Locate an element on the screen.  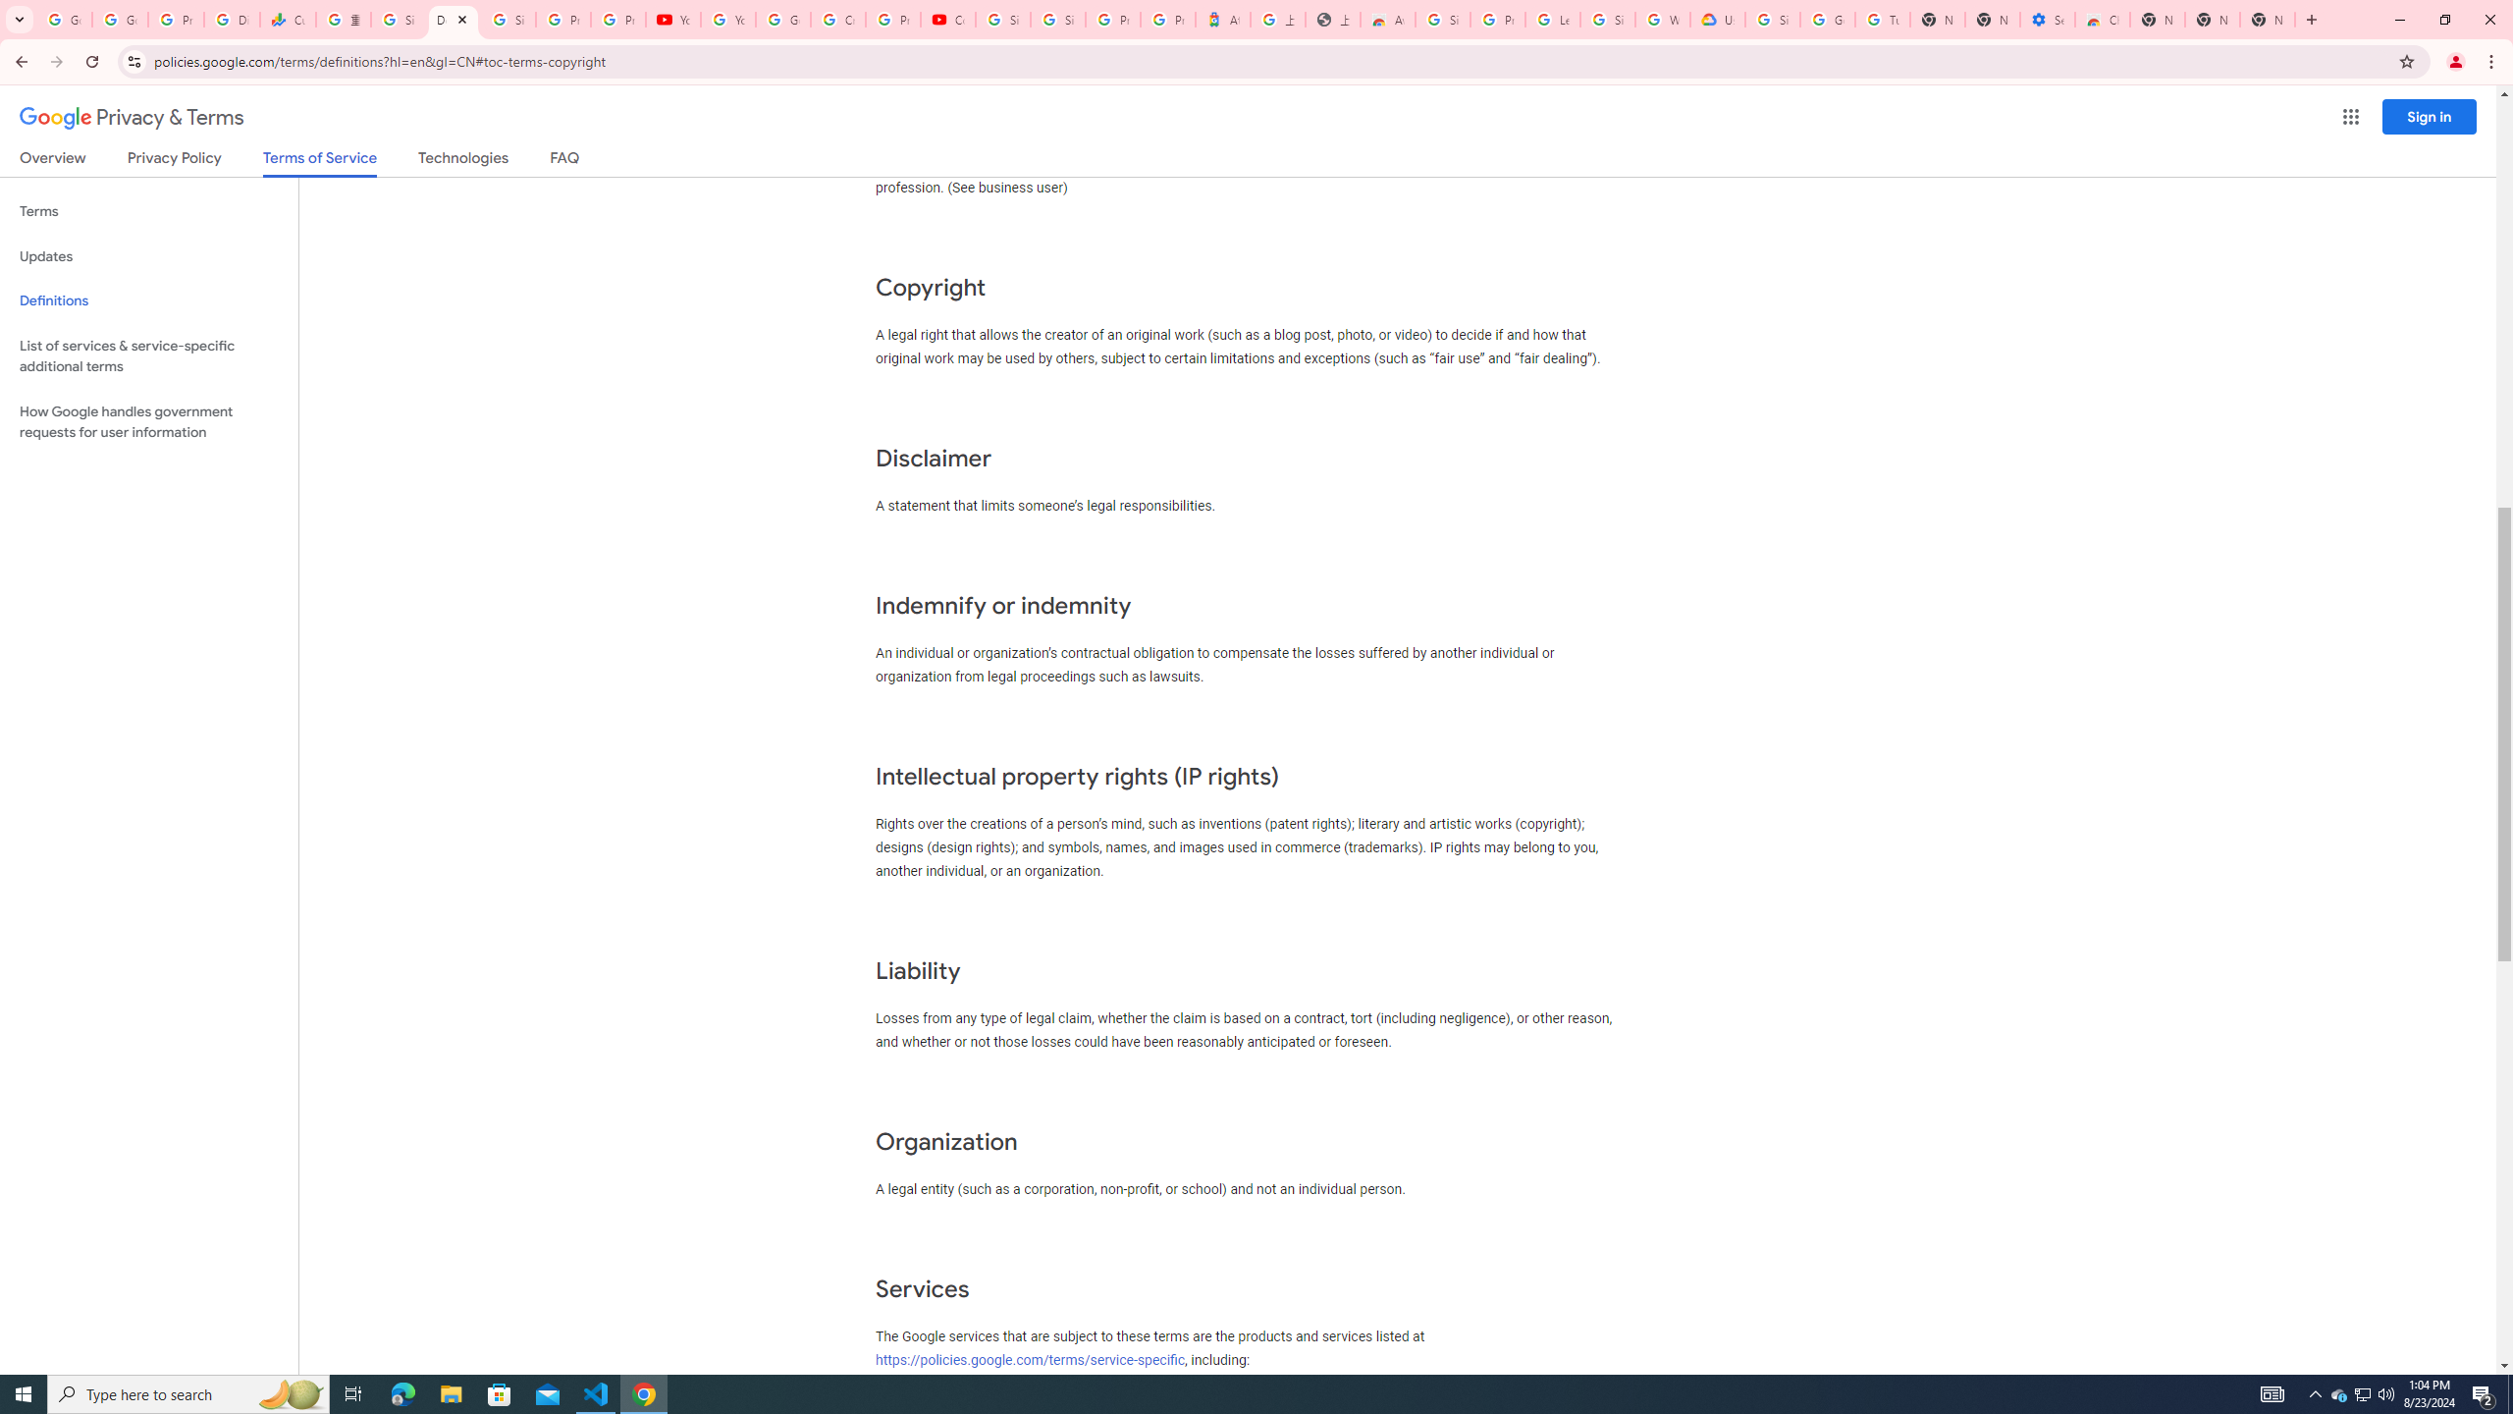
'Google Account Help' is located at coordinates (781, 19).